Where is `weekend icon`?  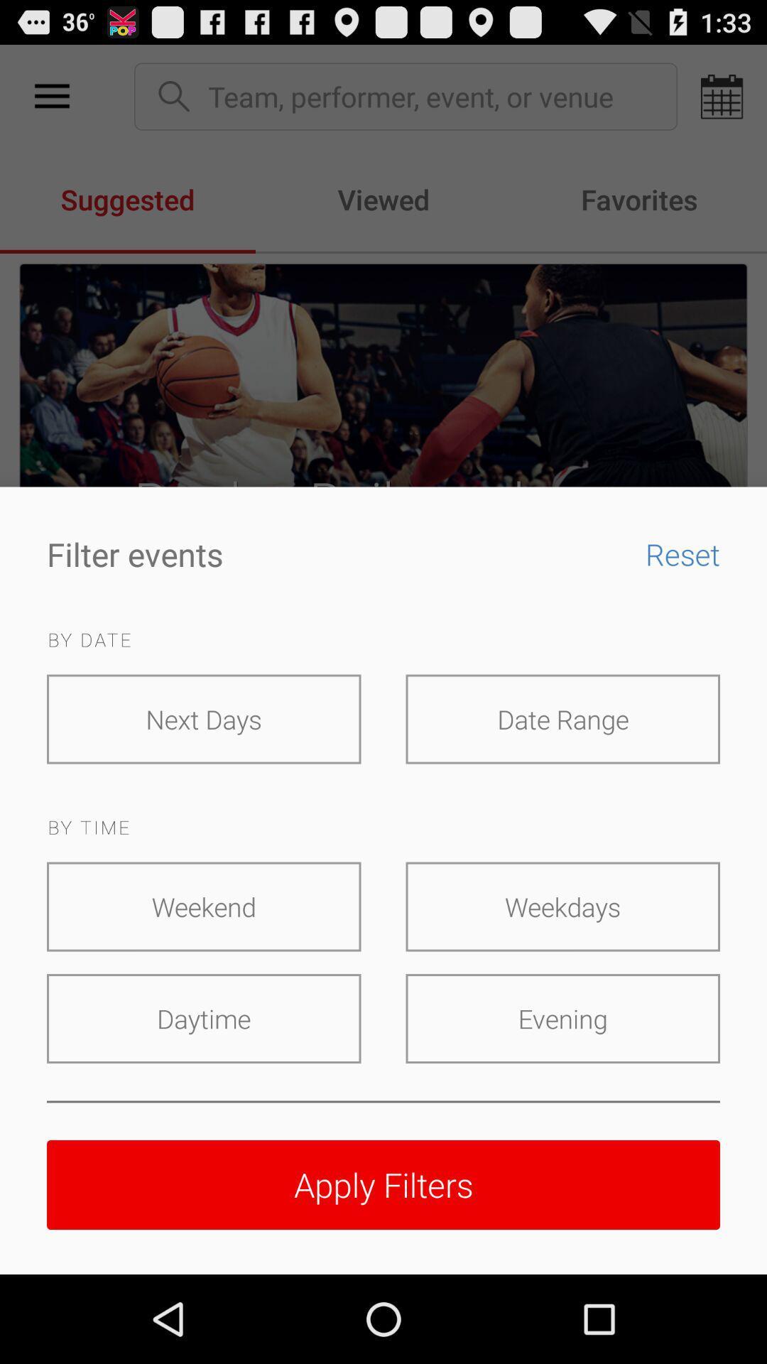
weekend icon is located at coordinates (204, 906).